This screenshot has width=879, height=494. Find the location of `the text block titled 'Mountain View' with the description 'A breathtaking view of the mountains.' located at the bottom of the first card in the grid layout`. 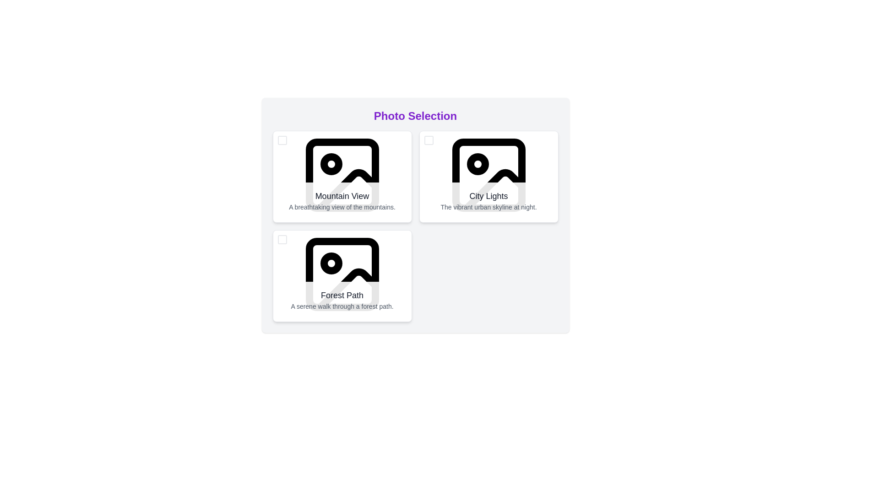

the text block titled 'Mountain View' with the description 'A breathtaking view of the mountains.' located at the bottom of the first card in the grid layout is located at coordinates (342, 200).